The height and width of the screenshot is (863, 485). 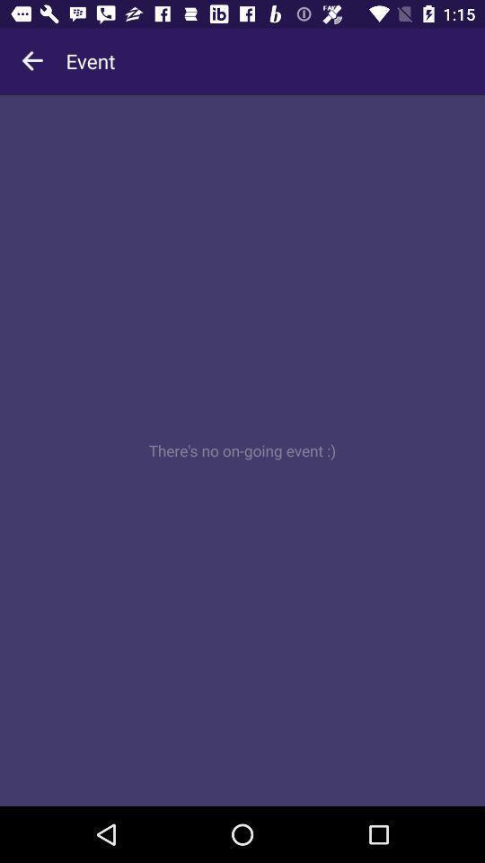 What do you see at coordinates (32, 61) in the screenshot?
I see `the arrow_backward icon` at bounding box center [32, 61].